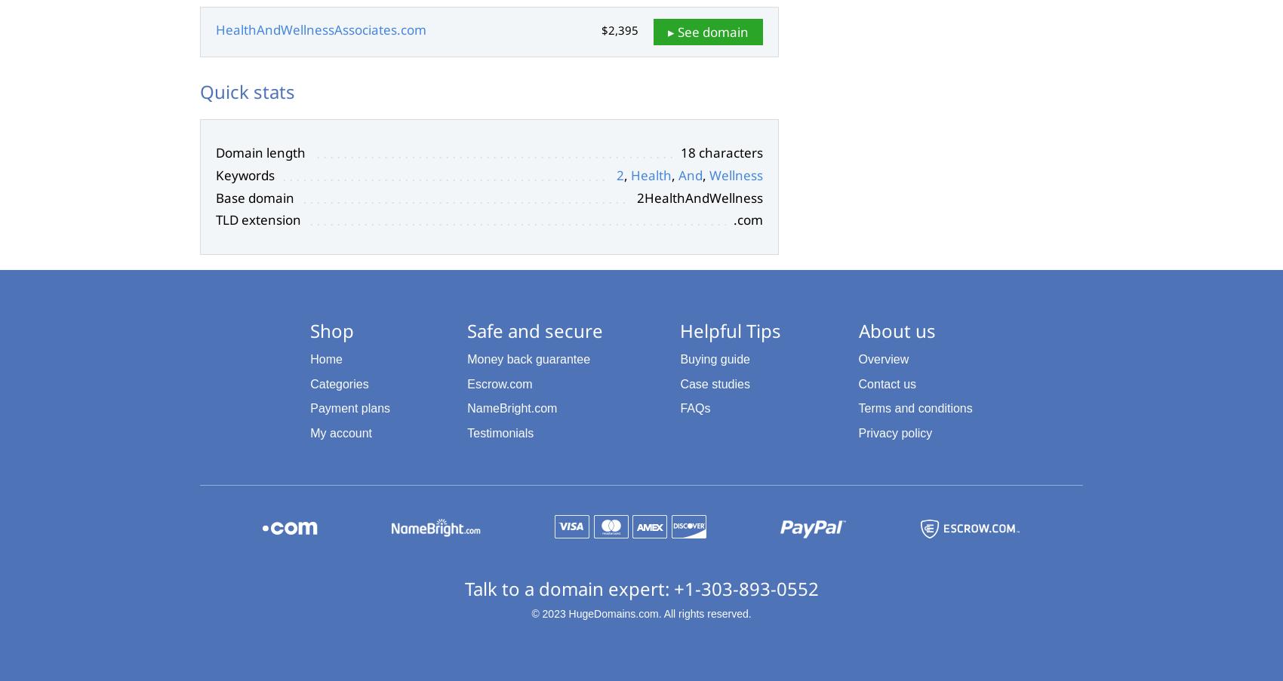 The width and height of the screenshot is (1283, 681). I want to click on 'Health', so click(651, 174).